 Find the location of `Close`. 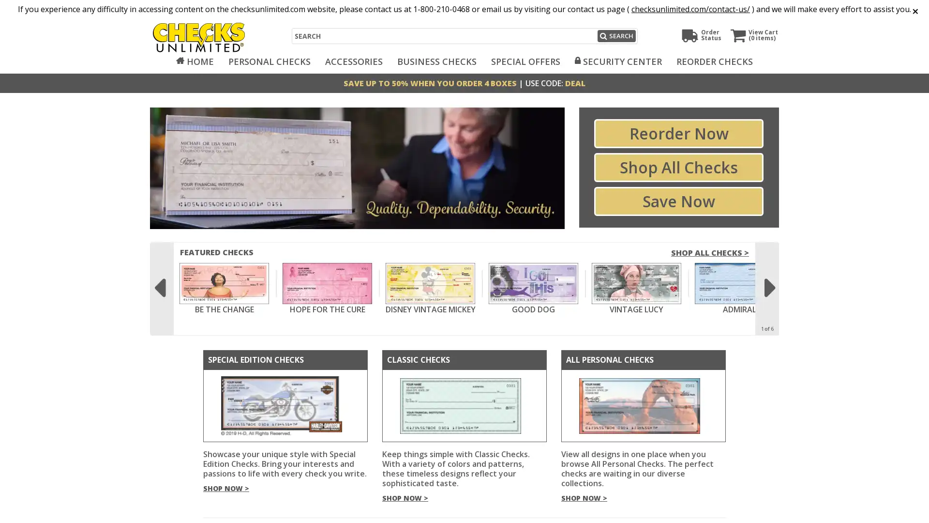

Close is located at coordinates (912, 9).